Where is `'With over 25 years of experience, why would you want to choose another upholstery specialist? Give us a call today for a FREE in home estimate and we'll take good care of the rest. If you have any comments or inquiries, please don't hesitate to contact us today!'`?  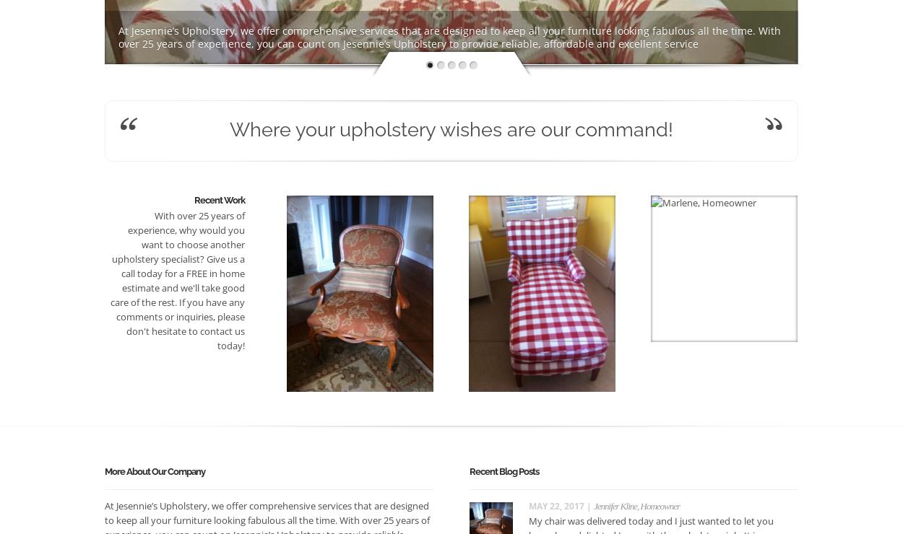
'With over 25 years of experience, why would you want to choose another upholstery specialist? Give us a call today for a FREE in home estimate and we'll take good care of the rest. If you have any comments or inquiries, please don't hesitate to contact us today!' is located at coordinates (177, 280).